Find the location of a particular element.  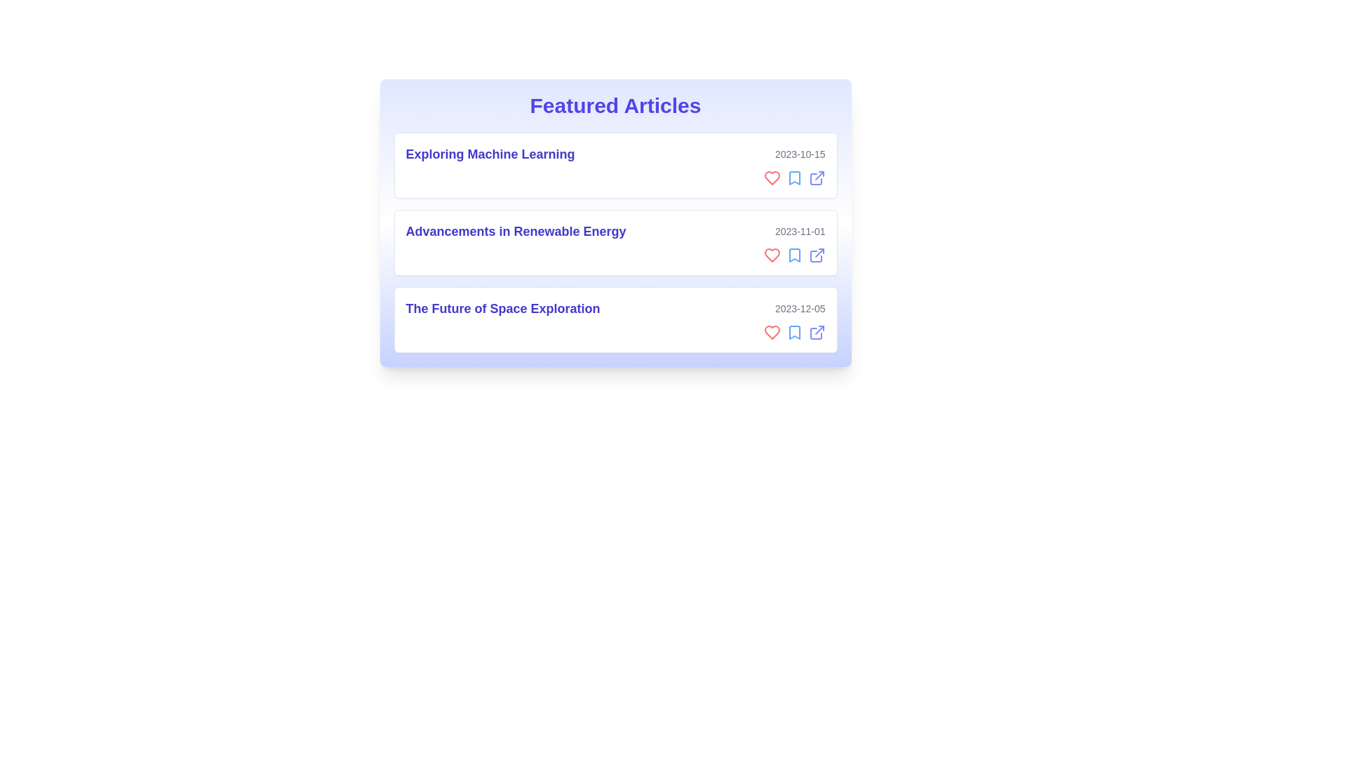

the article titled The Future of Space Exploration is located at coordinates (615, 319).